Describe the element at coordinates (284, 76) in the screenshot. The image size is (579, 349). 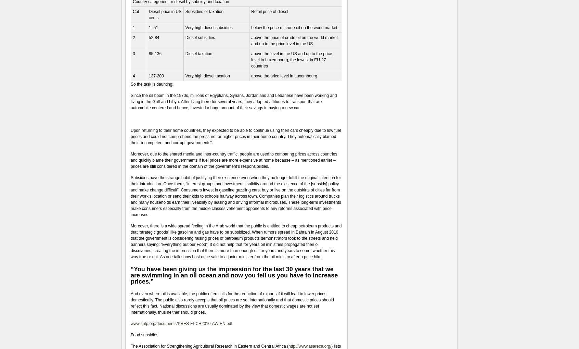
I see `'above the price level in Luxembourg'` at that location.